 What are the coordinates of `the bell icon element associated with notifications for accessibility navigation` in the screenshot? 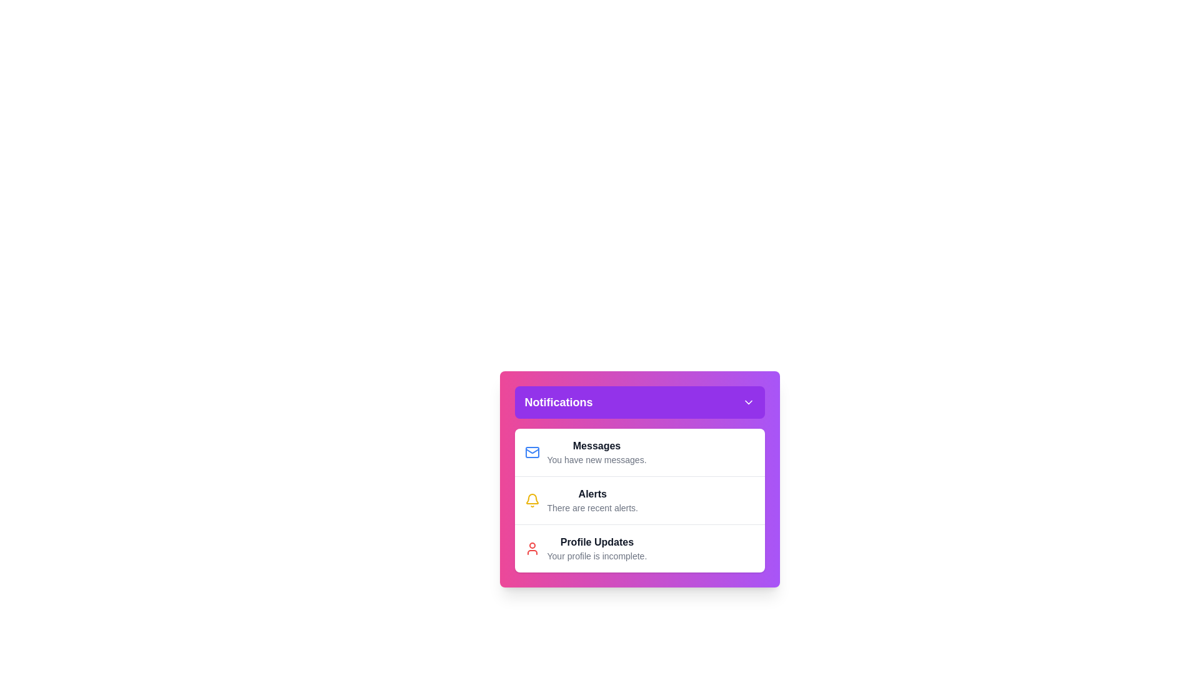 It's located at (532, 498).